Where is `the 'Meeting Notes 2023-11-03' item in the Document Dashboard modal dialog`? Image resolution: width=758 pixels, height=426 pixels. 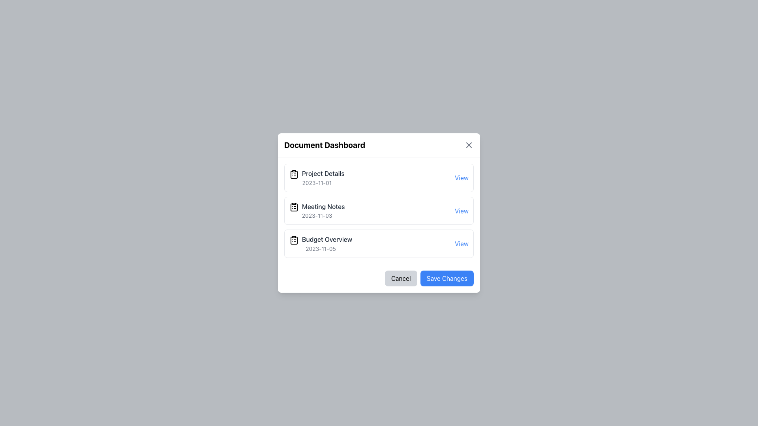 the 'Meeting Notes 2023-11-03' item in the Document Dashboard modal dialog is located at coordinates (379, 213).